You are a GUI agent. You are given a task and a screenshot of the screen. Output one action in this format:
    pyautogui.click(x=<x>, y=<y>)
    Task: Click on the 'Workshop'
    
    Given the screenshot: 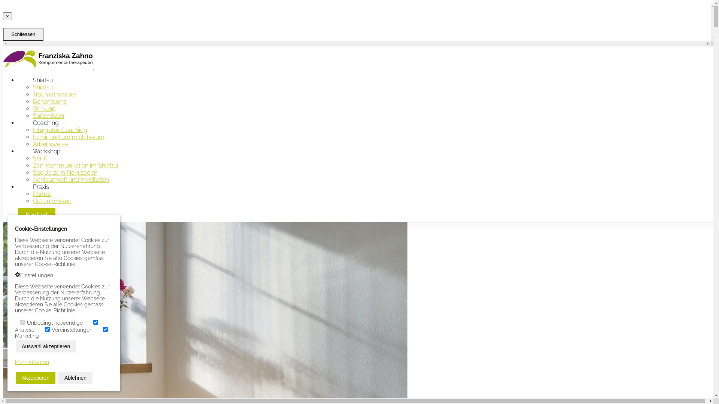 What is the action you would take?
    pyautogui.click(x=46, y=151)
    